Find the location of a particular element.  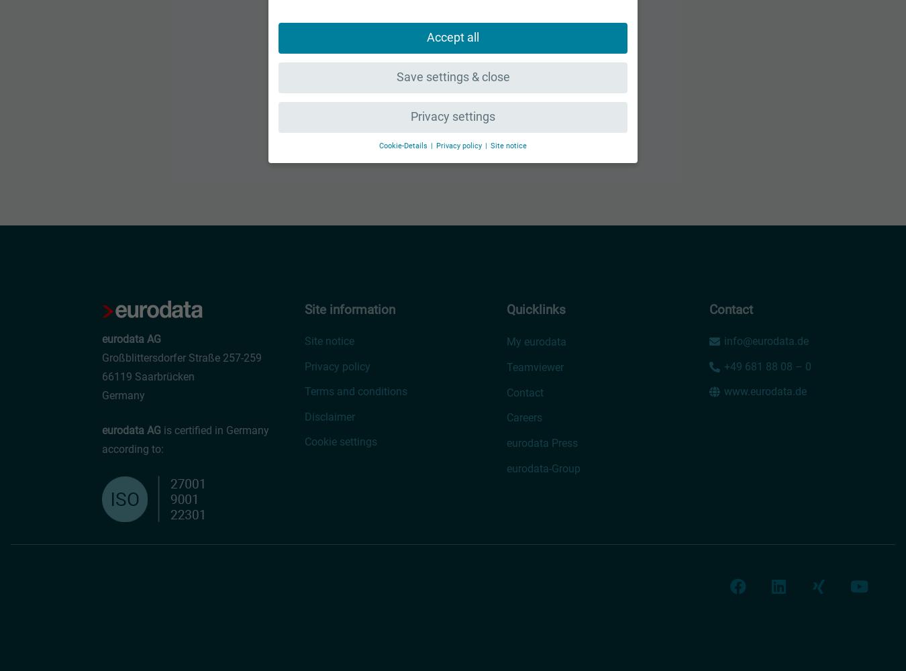

'Privacy policy' is located at coordinates (336, 366).